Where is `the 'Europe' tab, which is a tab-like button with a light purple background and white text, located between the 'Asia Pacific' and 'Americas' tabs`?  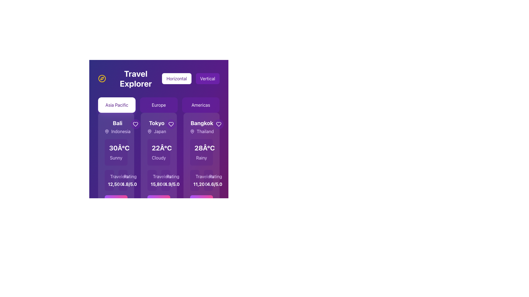
the 'Europe' tab, which is a tab-like button with a light purple background and white text, located between the 'Asia Pacific' and 'Americas' tabs is located at coordinates (158, 105).